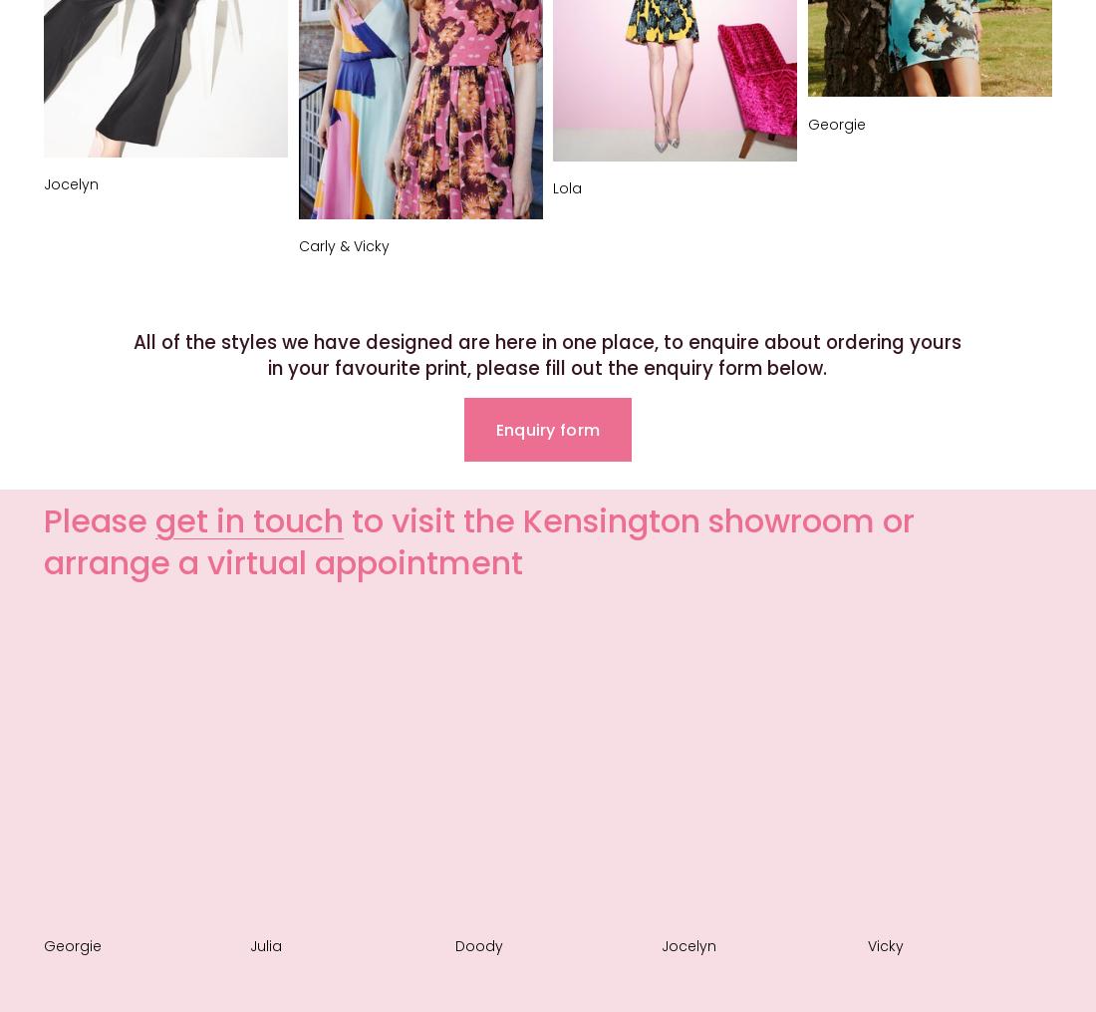  Describe the element at coordinates (884, 945) in the screenshot. I see `'Vicky'` at that location.